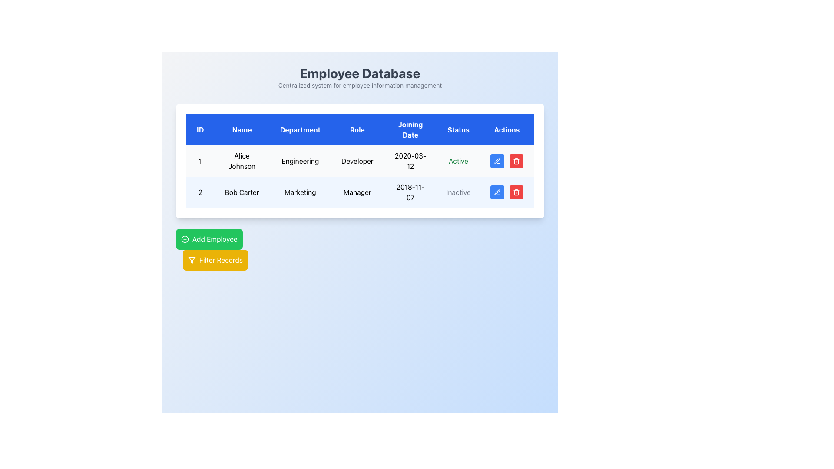 The width and height of the screenshot is (834, 469). Describe the element at coordinates (360, 85) in the screenshot. I see `the static text label 'Centralized system for employee information management' to check for any tooltip appearance` at that location.